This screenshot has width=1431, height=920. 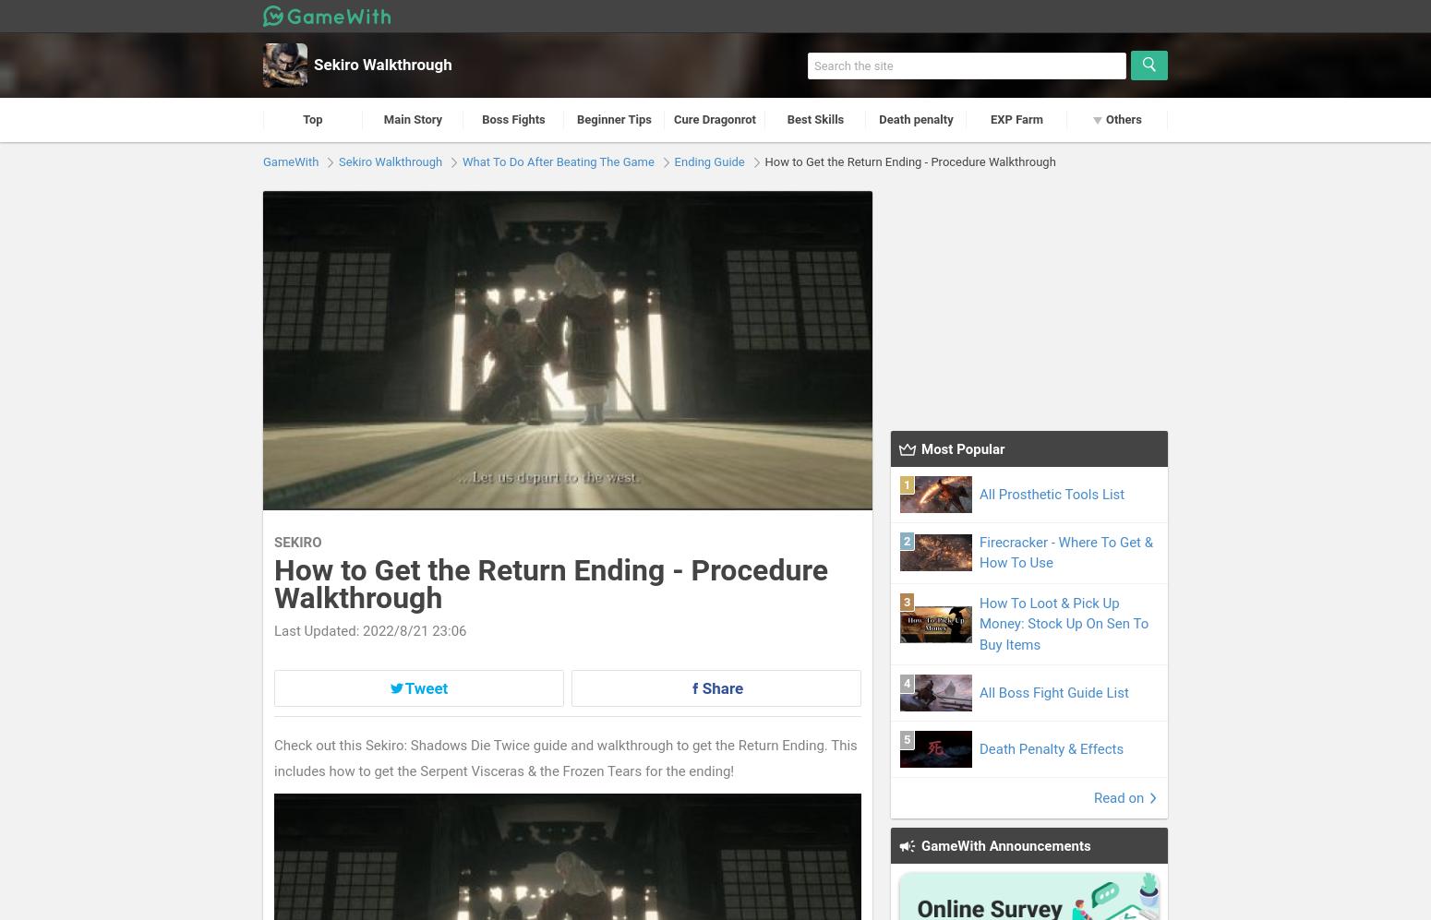 What do you see at coordinates (558, 161) in the screenshot?
I see `'What To Do After Beating The Game'` at bounding box center [558, 161].